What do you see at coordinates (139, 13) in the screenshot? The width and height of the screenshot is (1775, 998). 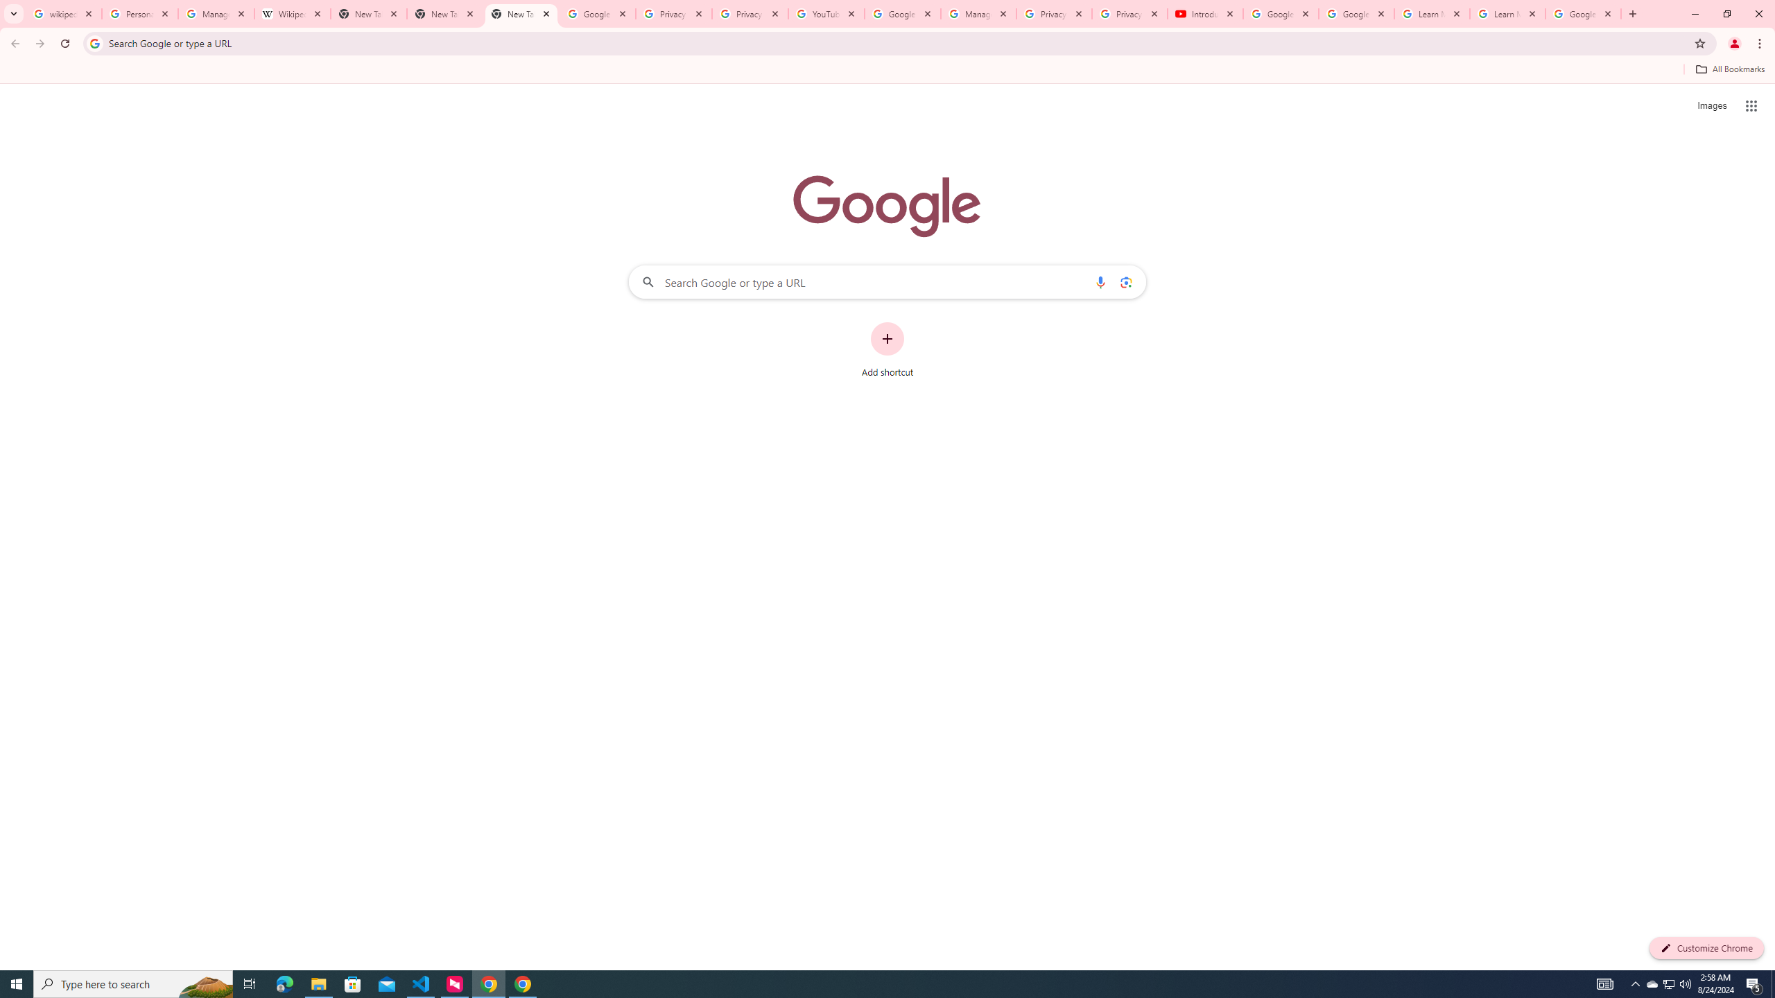 I see `'Personalization & Google Search results - Google Search Help'` at bounding box center [139, 13].